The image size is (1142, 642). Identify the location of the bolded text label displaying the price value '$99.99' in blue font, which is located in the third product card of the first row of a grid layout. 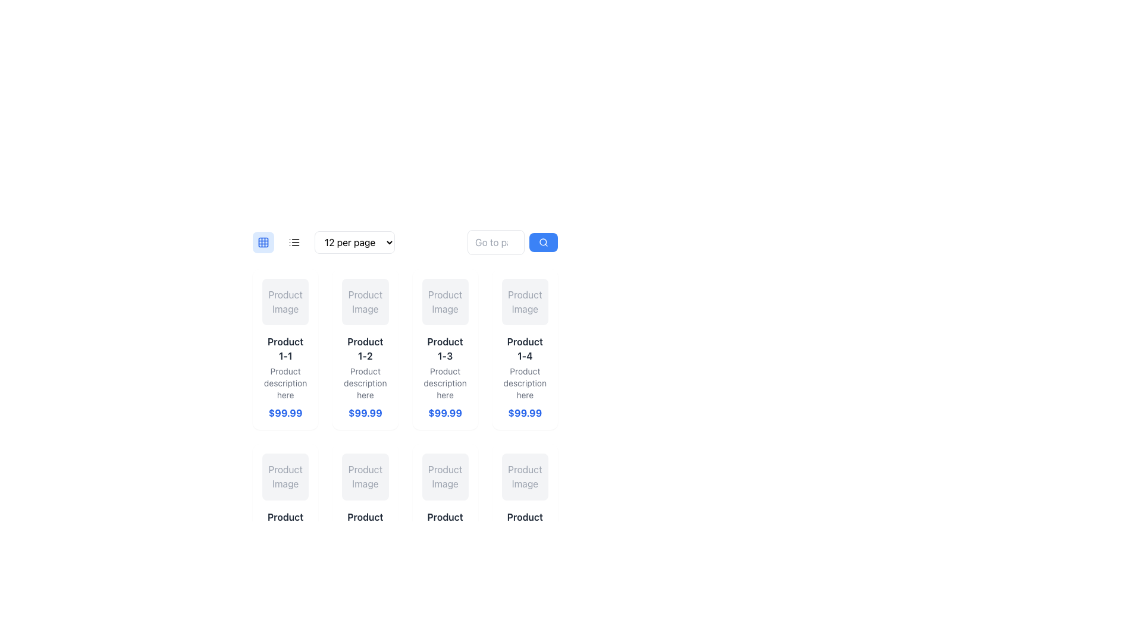
(444, 413).